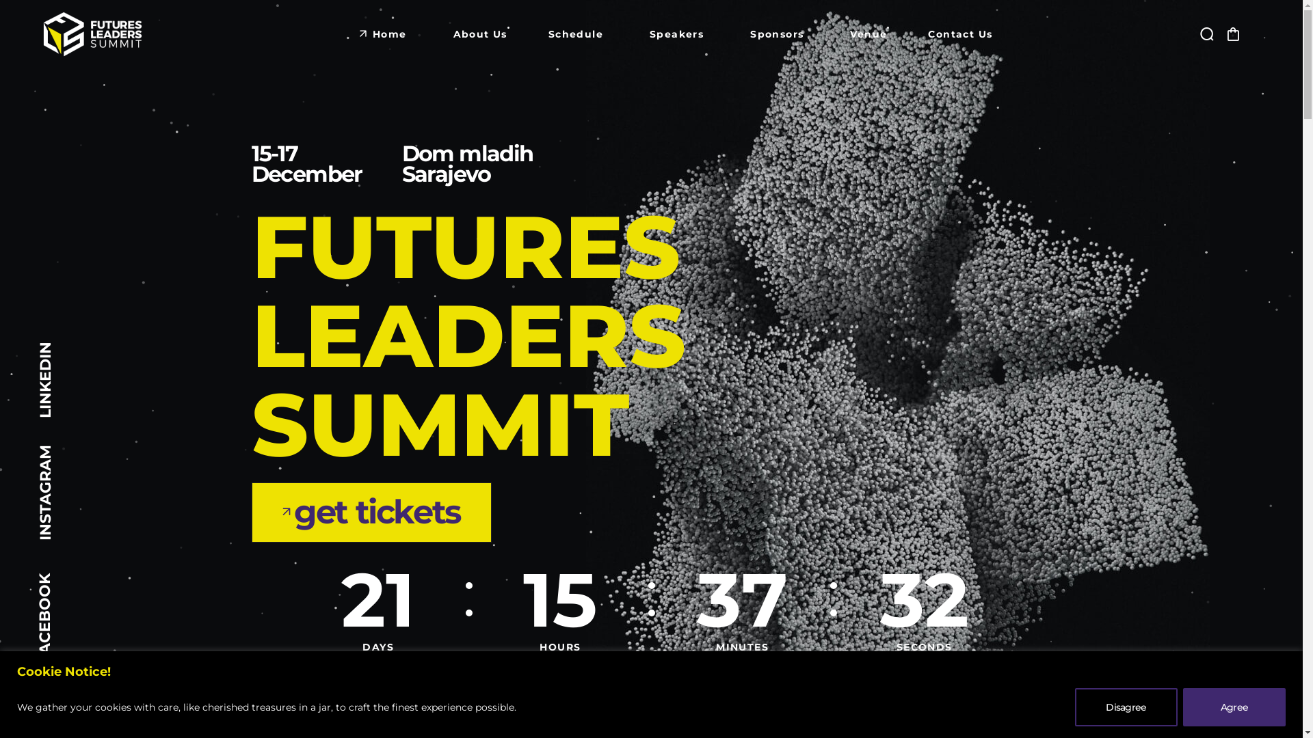 This screenshot has width=1313, height=738. What do you see at coordinates (575, 33) in the screenshot?
I see `'Schedule'` at bounding box center [575, 33].